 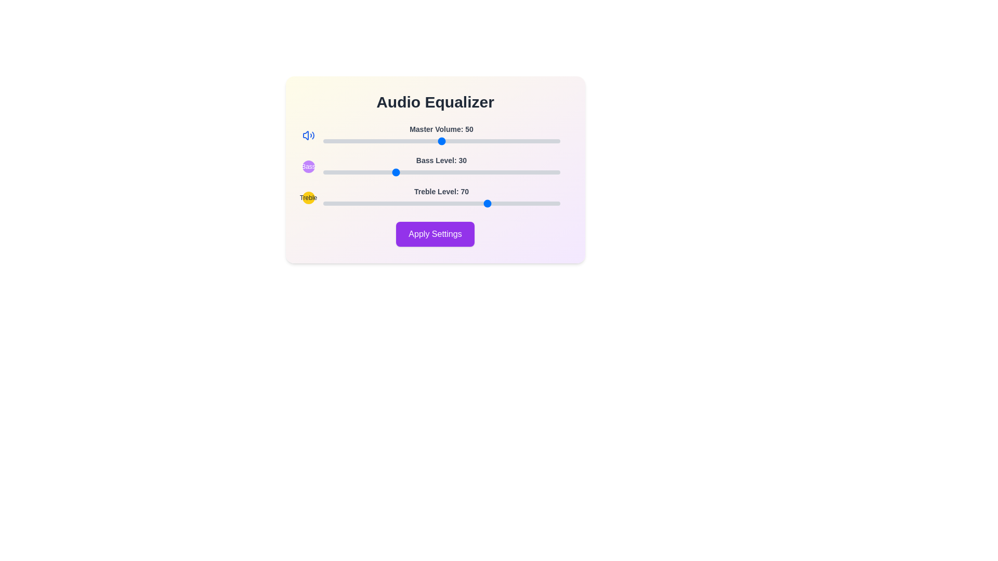 What do you see at coordinates (435, 234) in the screenshot?
I see `the button located at the bottom of the Audio Equalizer component` at bounding box center [435, 234].